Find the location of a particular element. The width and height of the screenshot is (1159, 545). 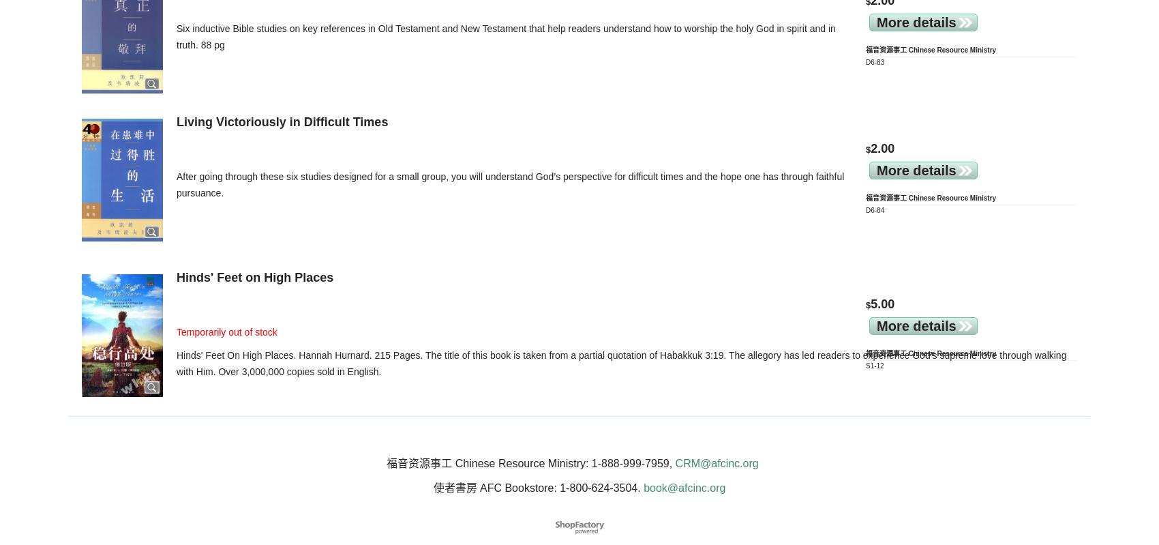

'使者書房 AFC Bookstore: 1-800-624-3504.' is located at coordinates (537, 487).